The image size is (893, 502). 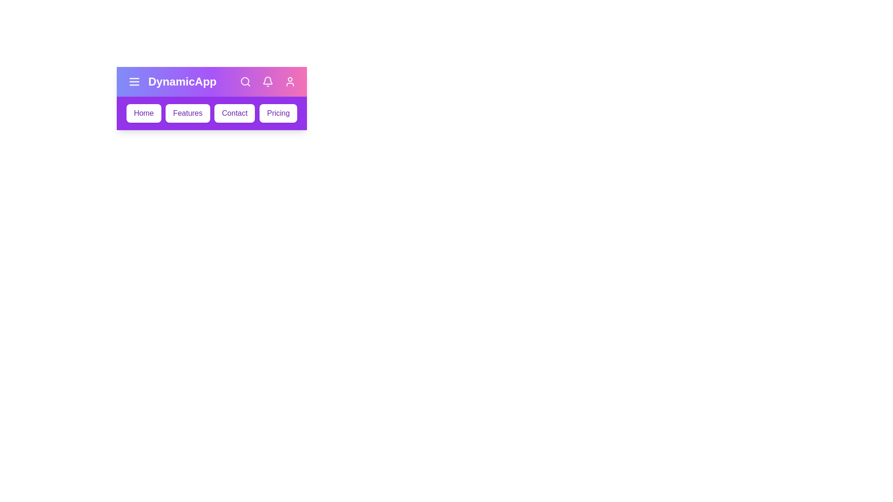 I want to click on the menu icon to toggle the menu visibility, so click(x=133, y=81).